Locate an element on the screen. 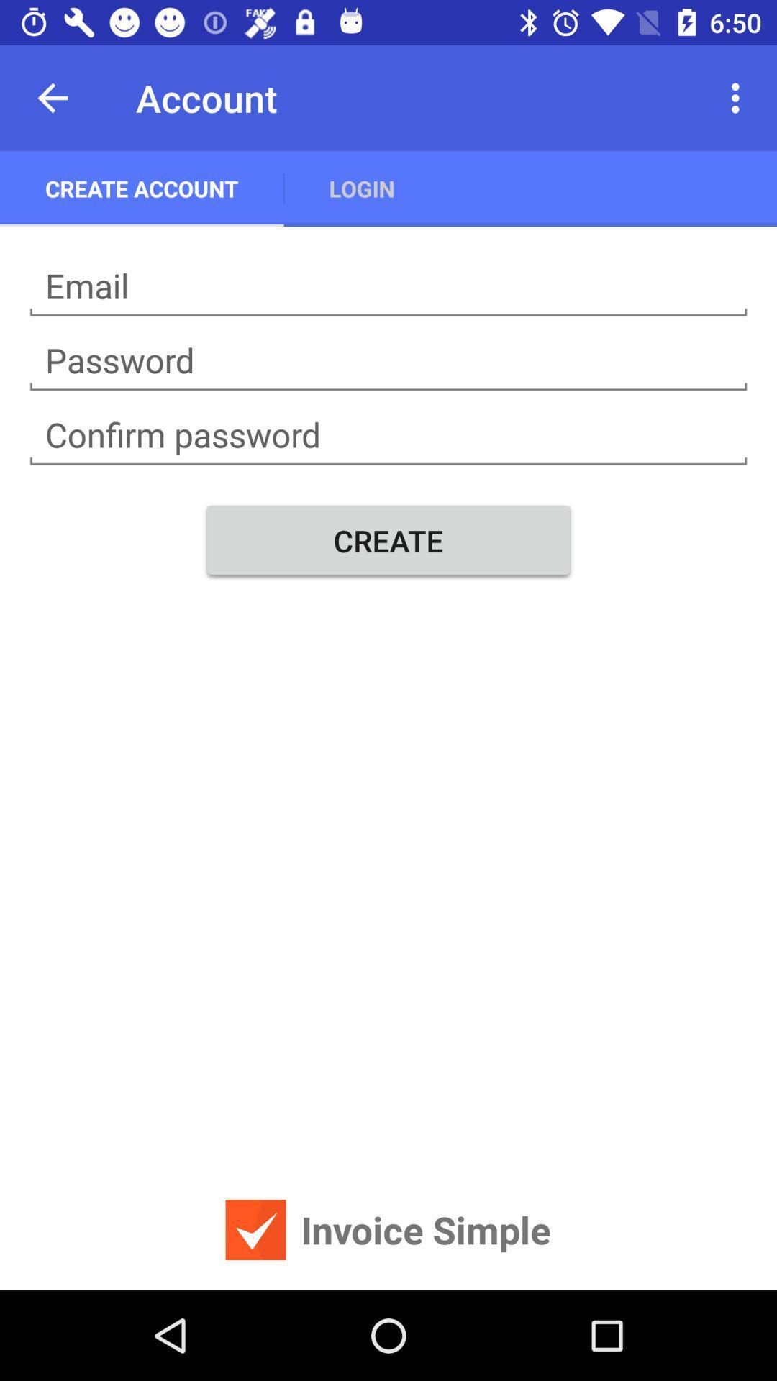 The height and width of the screenshot is (1381, 777). input password is located at coordinates (388, 434).